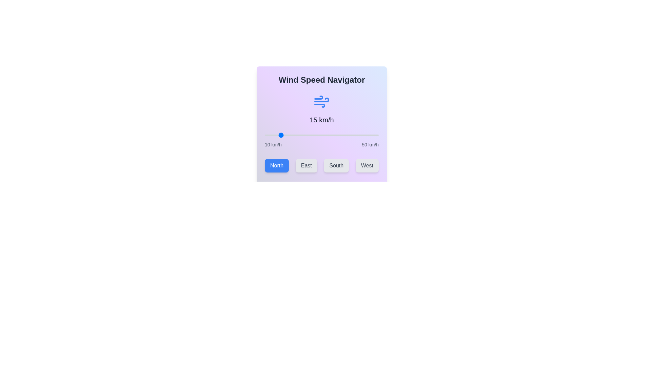 The image size is (651, 366). What do you see at coordinates (330, 135) in the screenshot?
I see `the wind speed to 33 km/h using the slider` at bounding box center [330, 135].